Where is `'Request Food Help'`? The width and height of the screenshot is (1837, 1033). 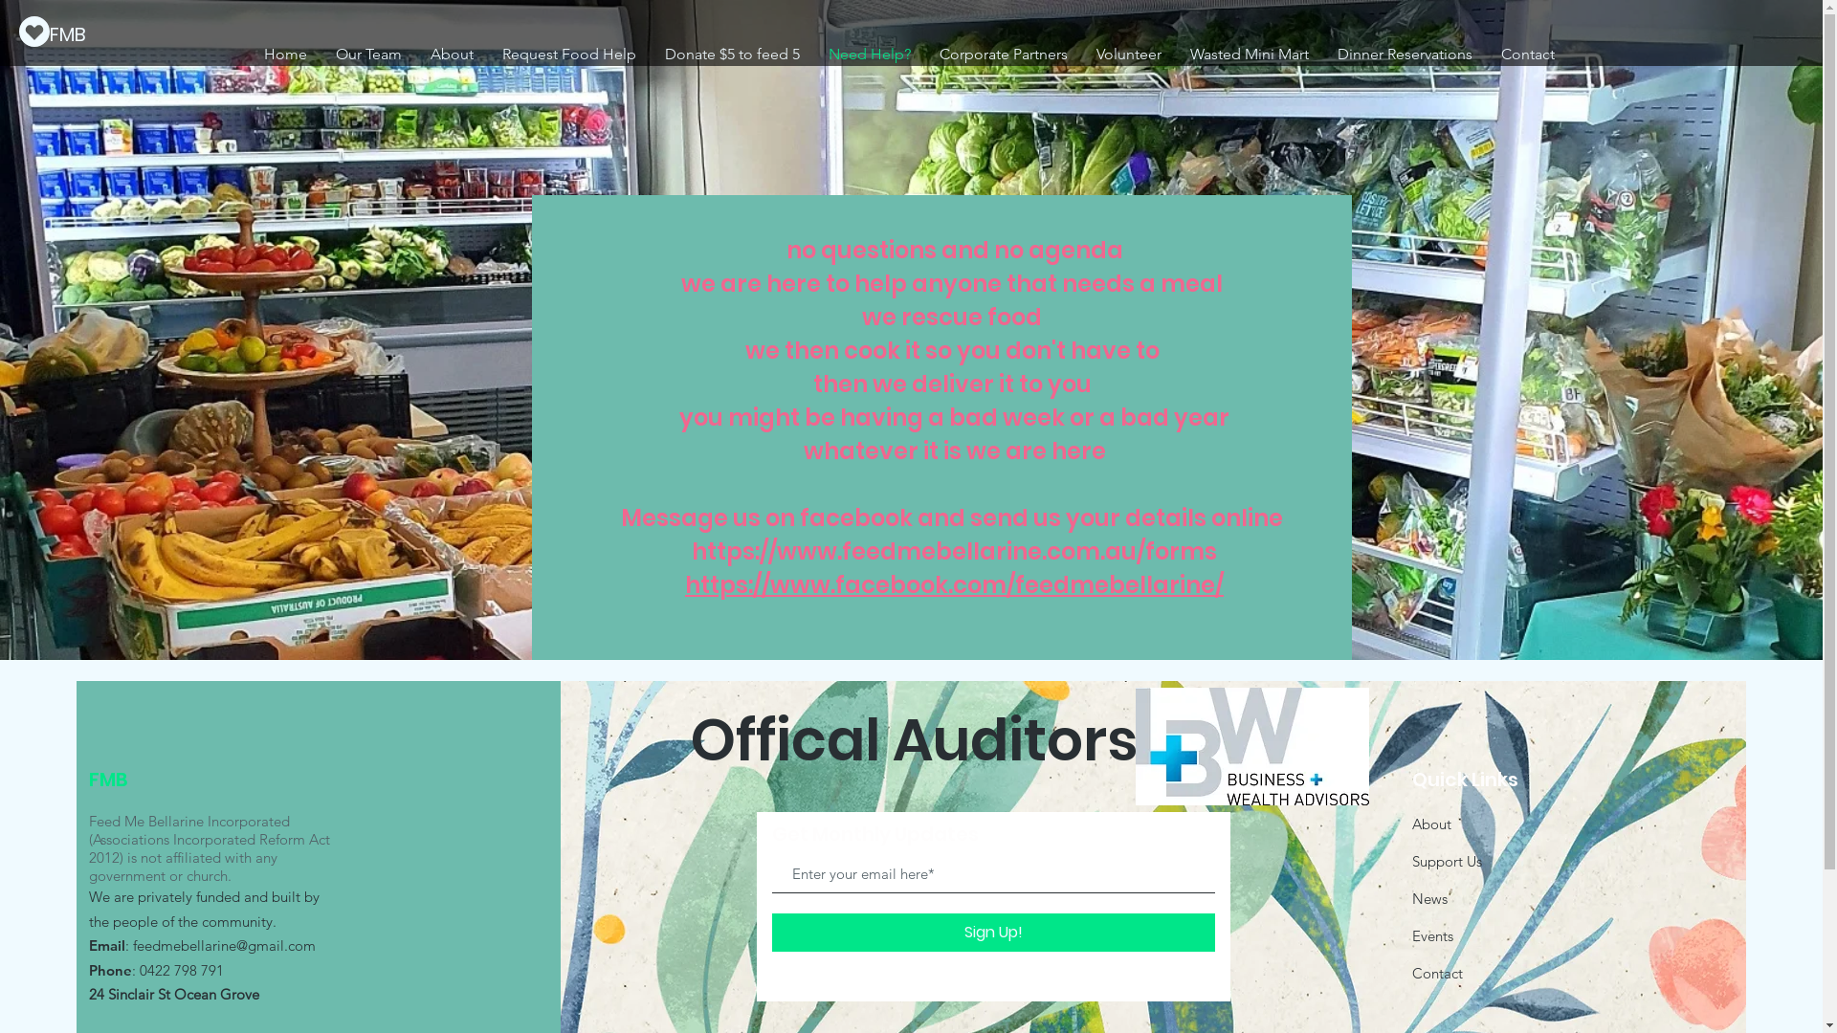 'Request Food Help' is located at coordinates (568, 53).